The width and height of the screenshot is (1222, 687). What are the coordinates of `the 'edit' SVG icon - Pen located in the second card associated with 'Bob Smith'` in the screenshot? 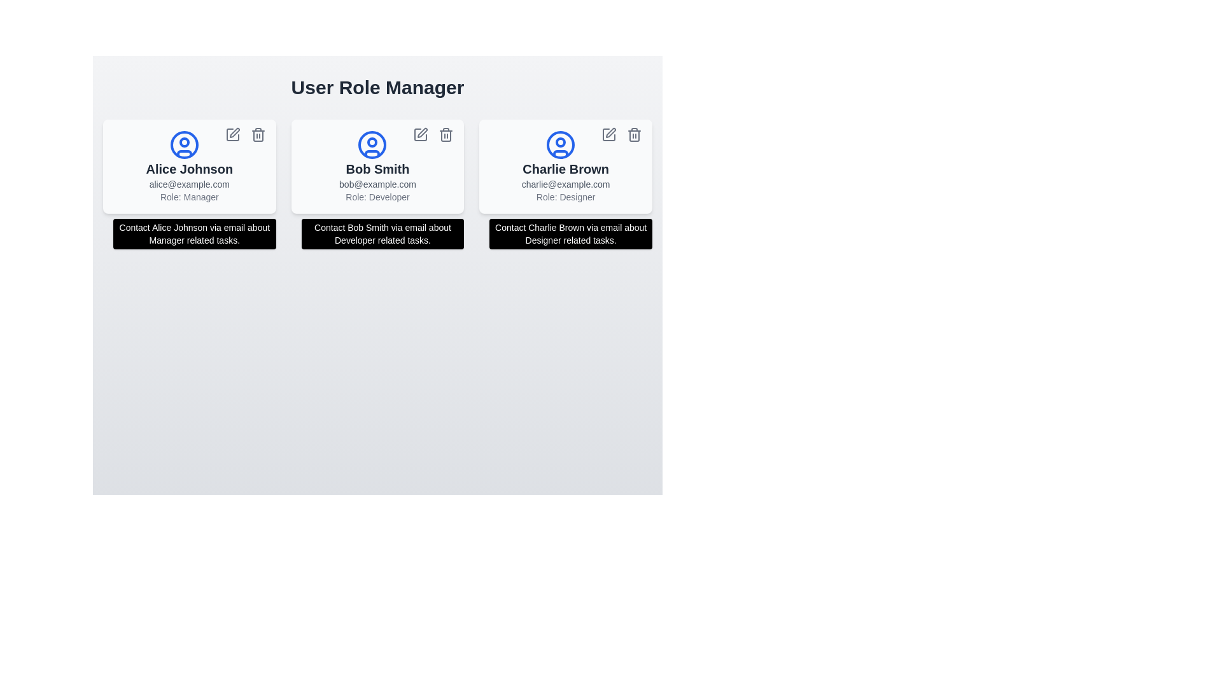 It's located at (422, 132).